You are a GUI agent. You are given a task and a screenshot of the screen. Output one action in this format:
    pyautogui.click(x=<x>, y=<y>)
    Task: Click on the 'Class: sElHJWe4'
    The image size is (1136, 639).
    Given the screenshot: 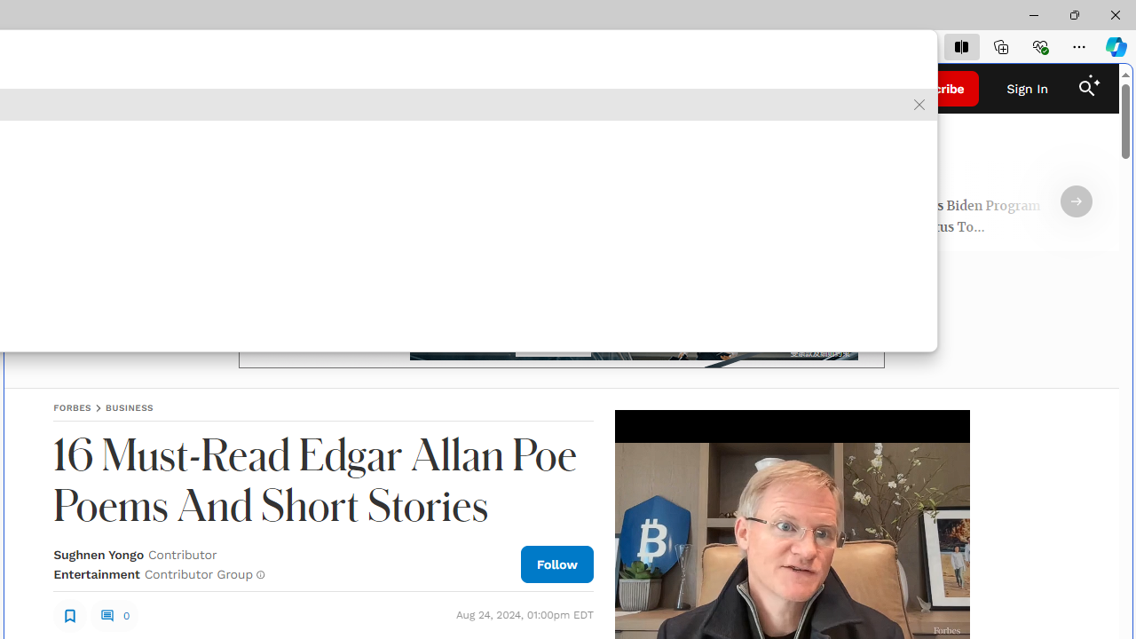 What is the action you would take?
    pyautogui.click(x=70, y=614)
    